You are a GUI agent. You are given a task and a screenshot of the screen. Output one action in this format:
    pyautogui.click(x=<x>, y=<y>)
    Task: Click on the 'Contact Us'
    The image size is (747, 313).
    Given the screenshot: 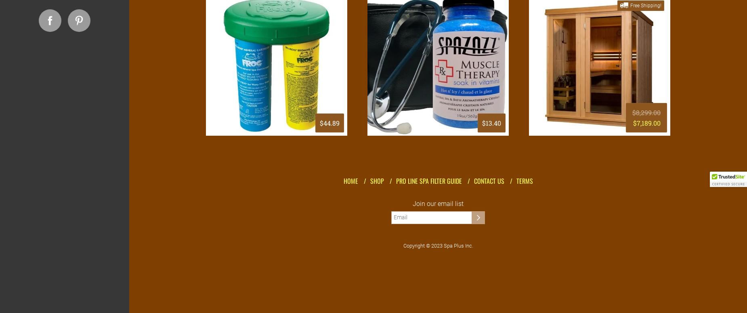 What is the action you would take?
    pyautogui.click(x=488, y=181)
    